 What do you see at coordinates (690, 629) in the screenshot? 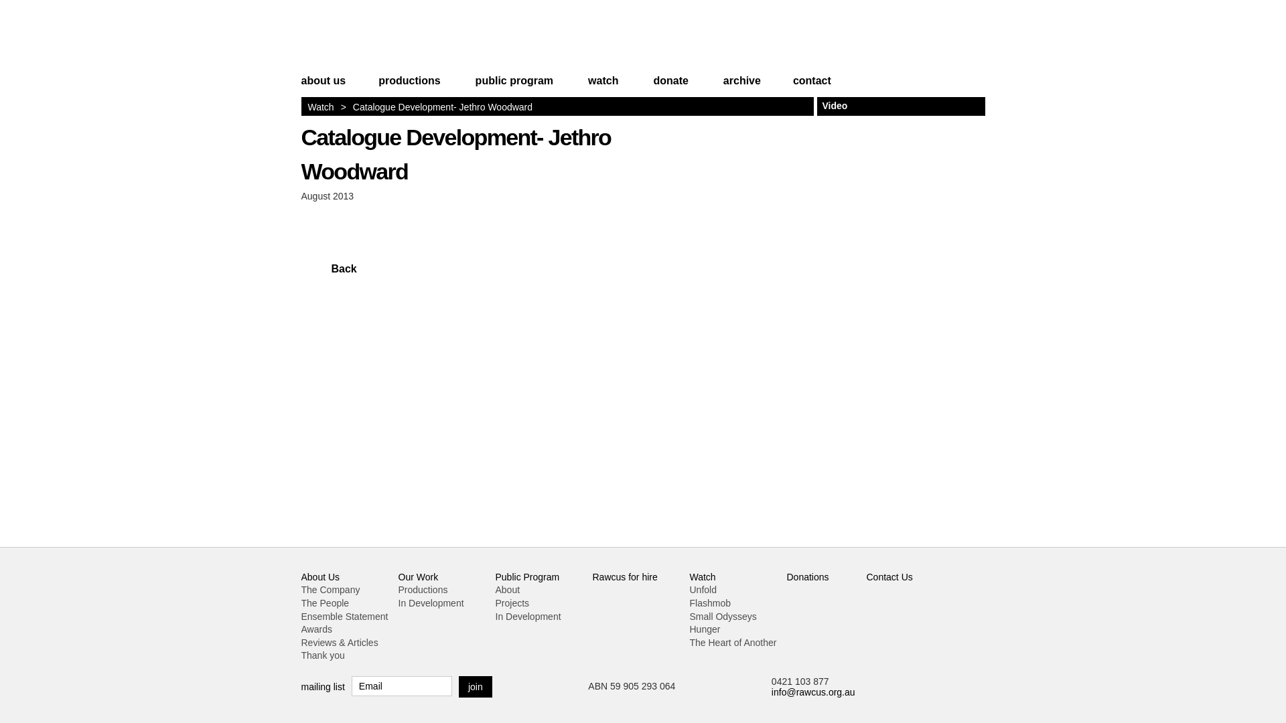
I see `'Hunger'` at bounding box center [690, 629].